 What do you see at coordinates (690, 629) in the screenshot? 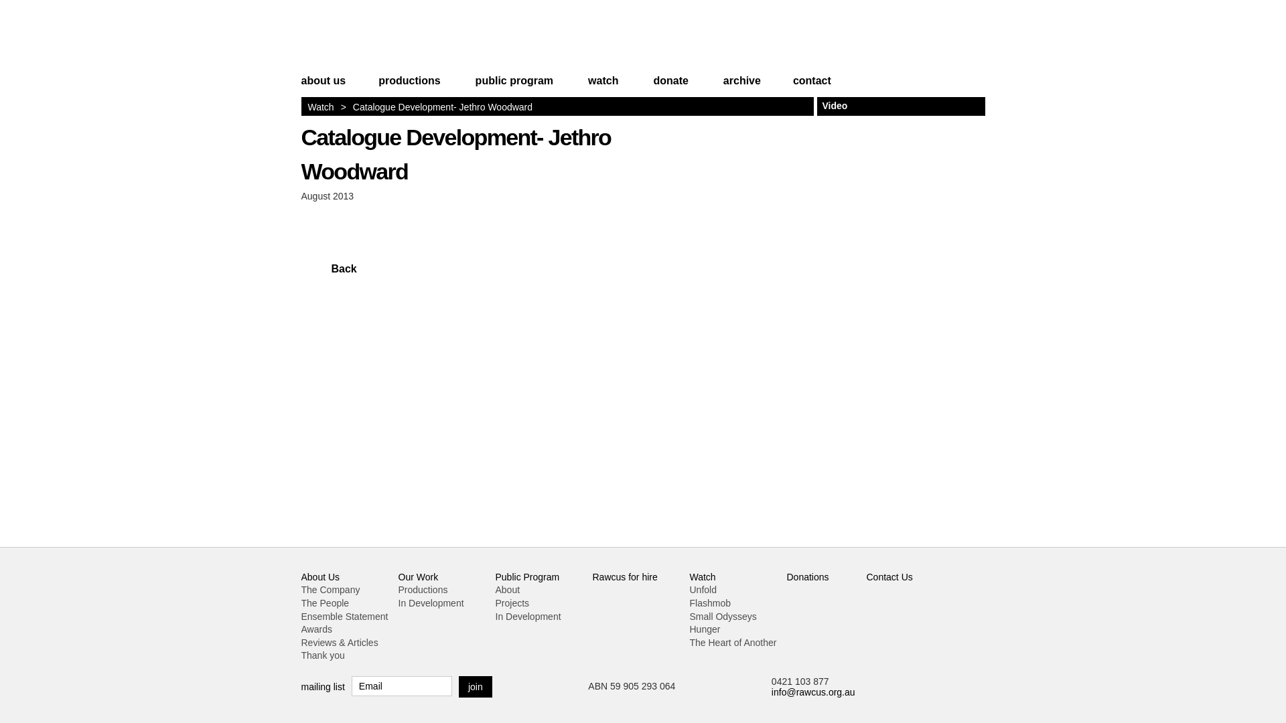
I see `'Hunger'` at bounding box center [690, 629].